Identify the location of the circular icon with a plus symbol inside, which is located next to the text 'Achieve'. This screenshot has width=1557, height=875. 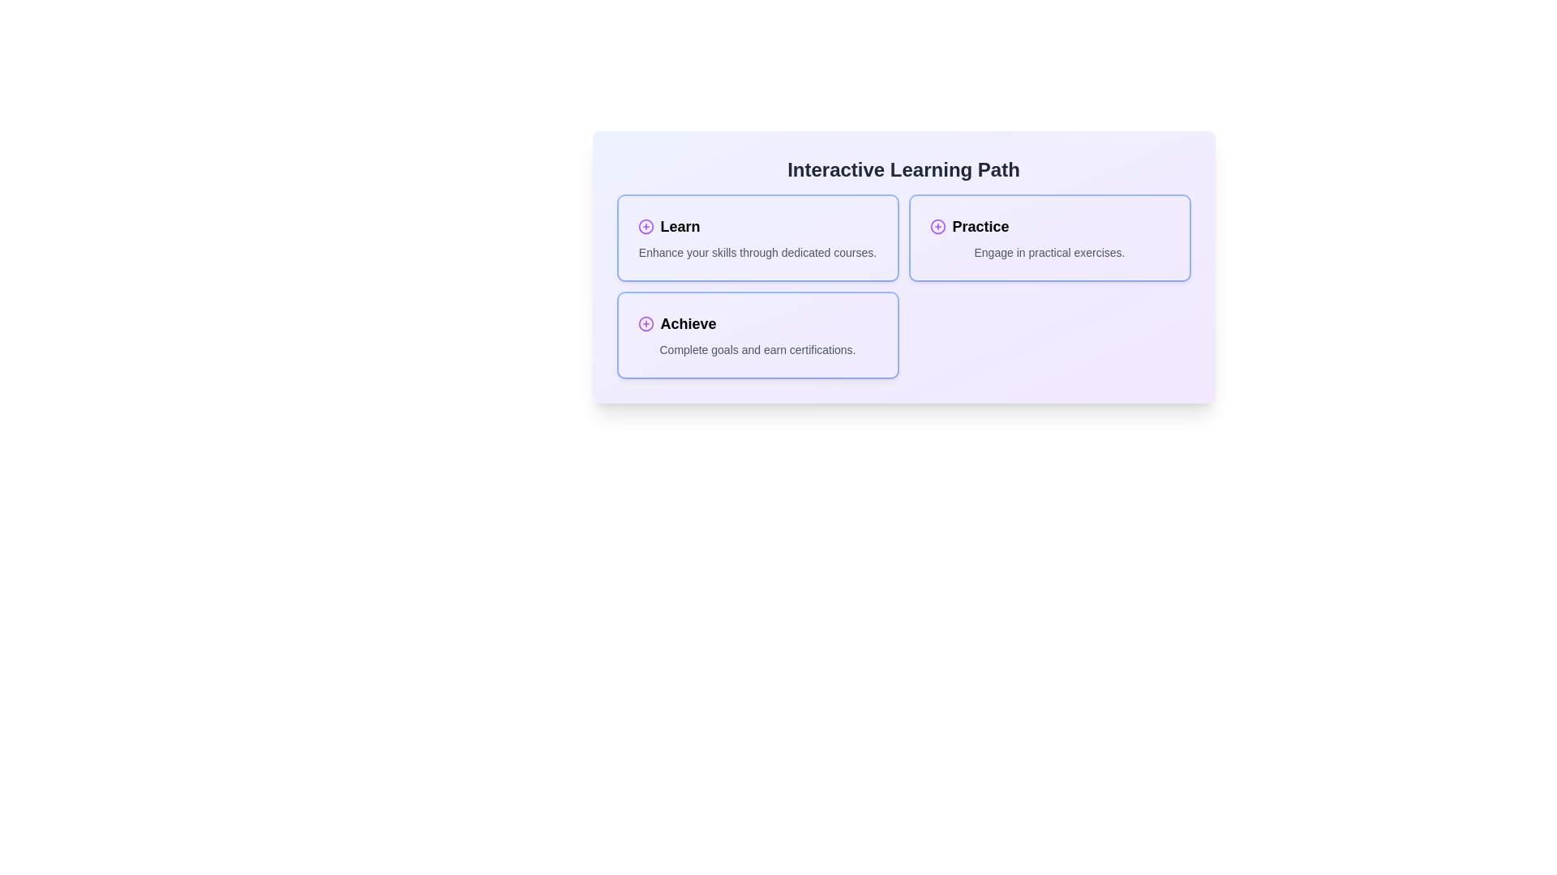
(645, 324).